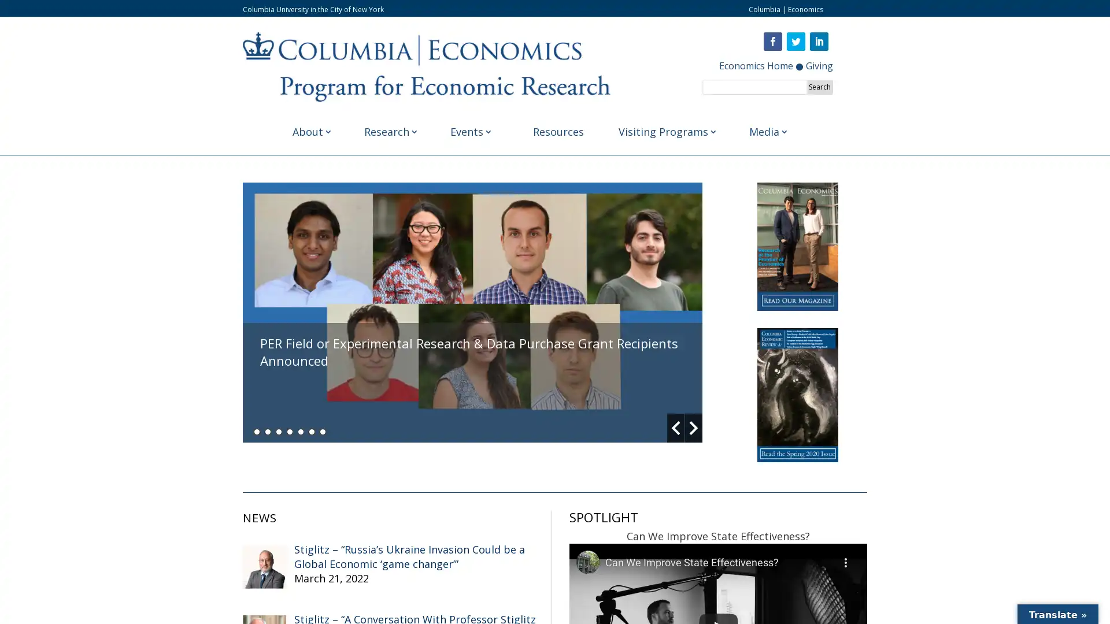 The height and width of the screenshot is (624, 1110). Describe the element at coordinates (279, 431) in the screenshot. I see `3` at that location.